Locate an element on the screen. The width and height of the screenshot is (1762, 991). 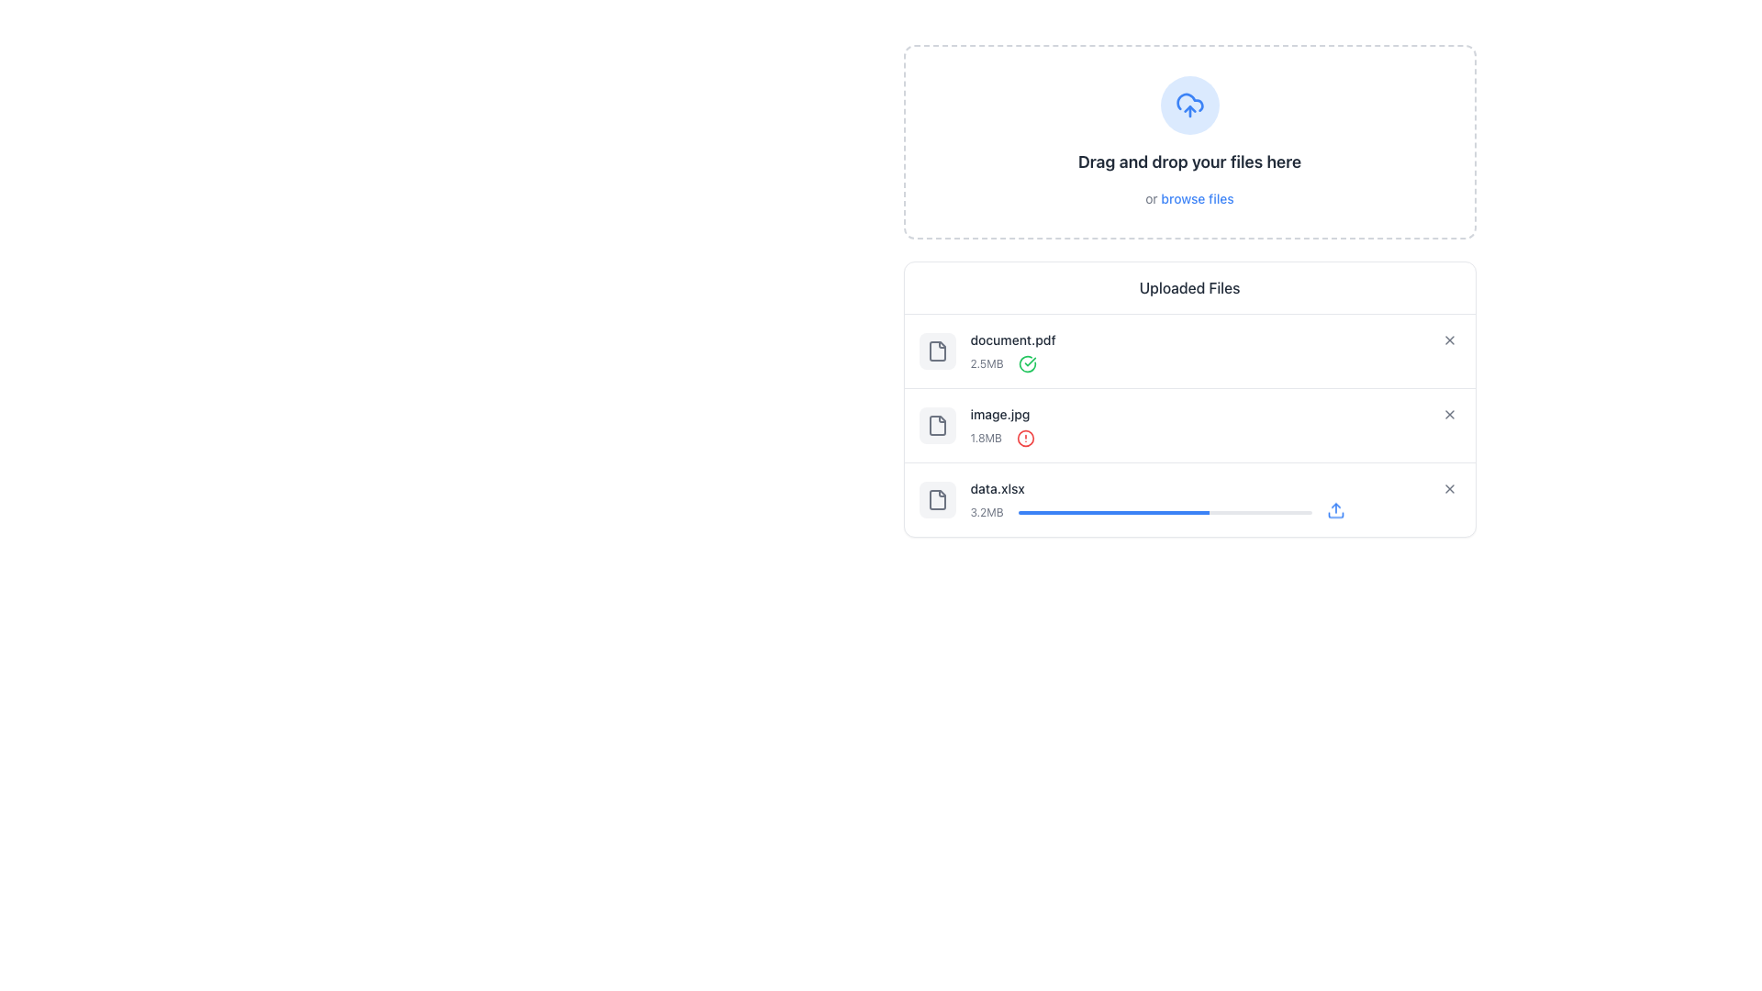
the text label titled 'Uploaded Files', which is styled with a medium-weight font and gray color, positioned at the top center of the section containing file-related information is located at coordinates (1189, 287).